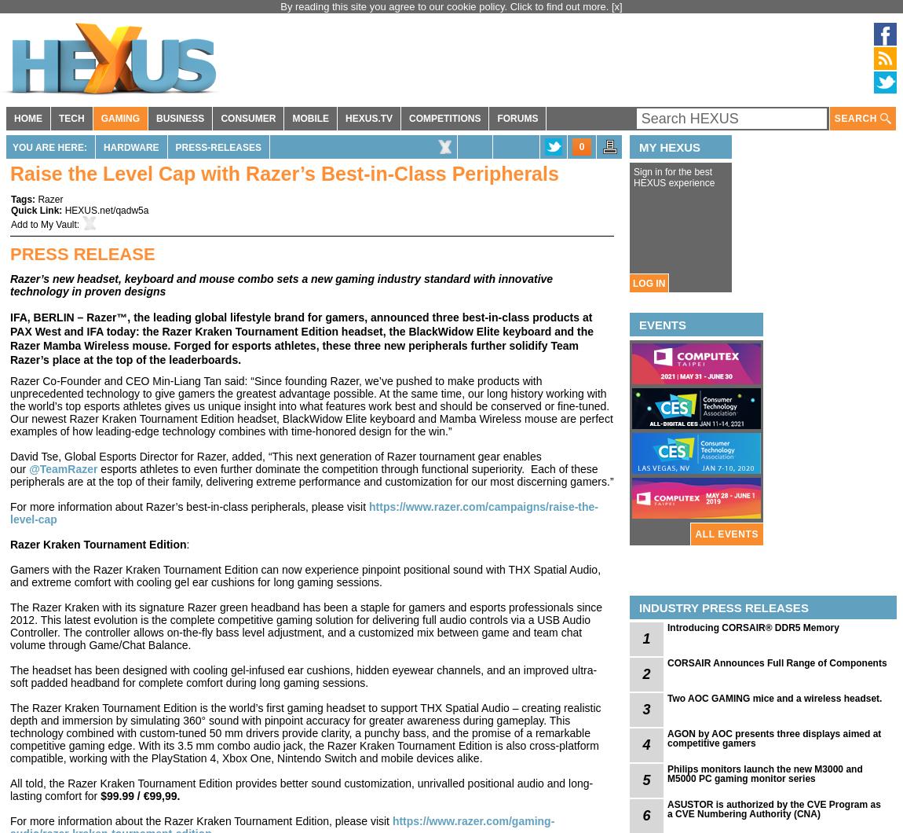 Image resolution: width=903 pixels, height=833 pixels. What do you see at coordinates (666, 809) in the screenshot?
I see `'ASUSTOR is authorized by the CVE Program as a CVE Numbering Authority (CNA)'` at bounding box center [666, 809].